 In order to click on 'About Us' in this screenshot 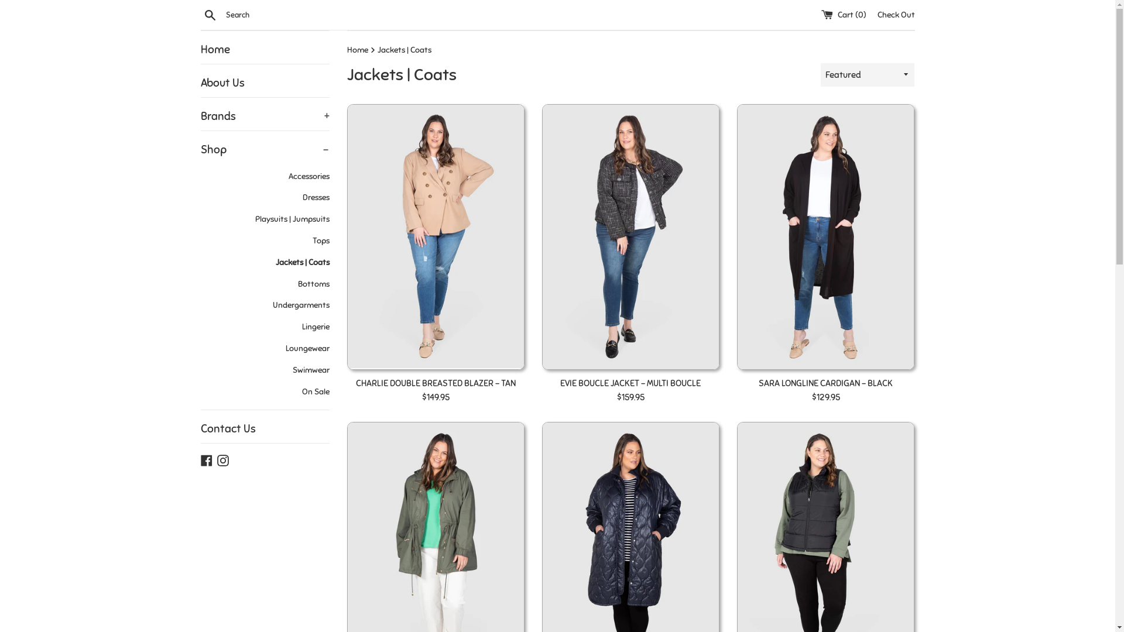, I will do `click(263, 83)`.